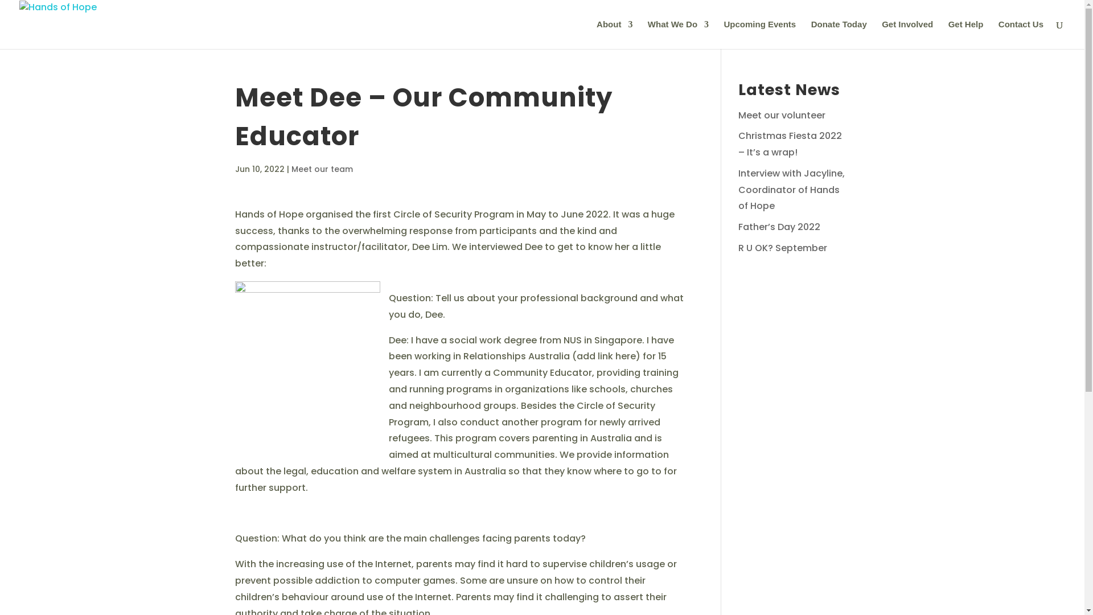 The image size is (1093, 615). Describe the element at coordinates (965, 34) in the screenshot. I see `'Get Help'` at that location.